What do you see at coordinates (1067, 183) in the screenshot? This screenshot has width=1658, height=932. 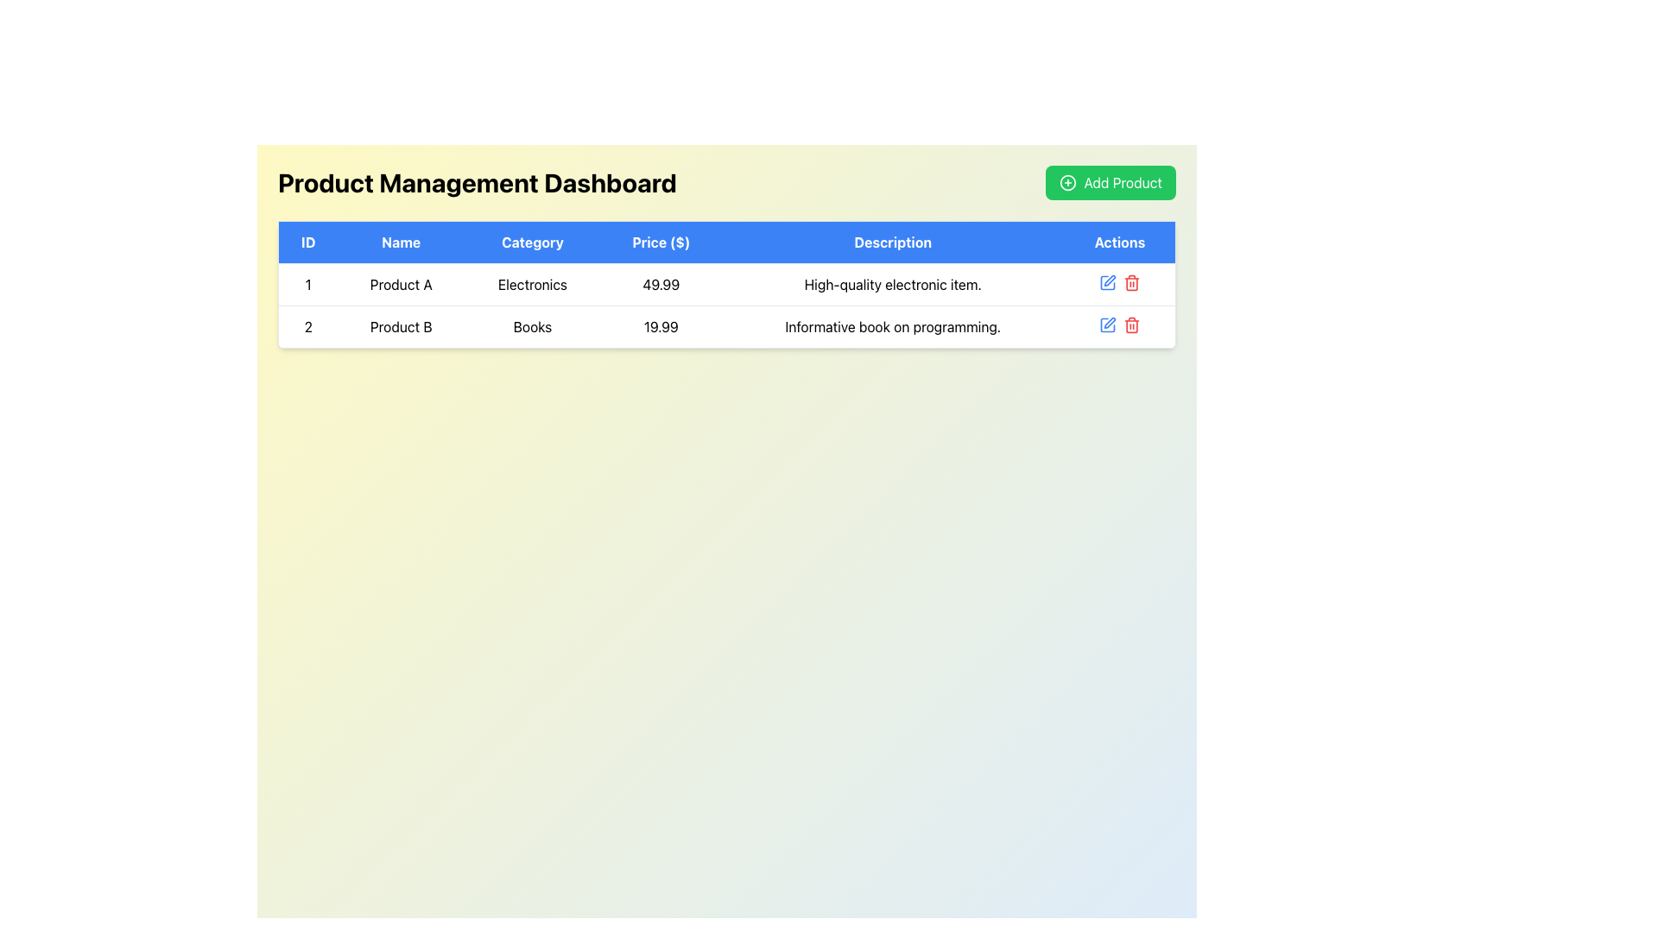 I see `the circular '+' icon located within the green 'Add Product' button in the top-right corner of the interface` at bounding box center [1067, 183].